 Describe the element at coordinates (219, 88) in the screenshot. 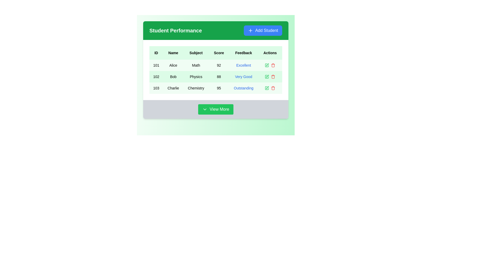

I see `the text label displaying the score '95' in the 'Score' column of the table, which is located in the fourth cell of the third row` at that location.